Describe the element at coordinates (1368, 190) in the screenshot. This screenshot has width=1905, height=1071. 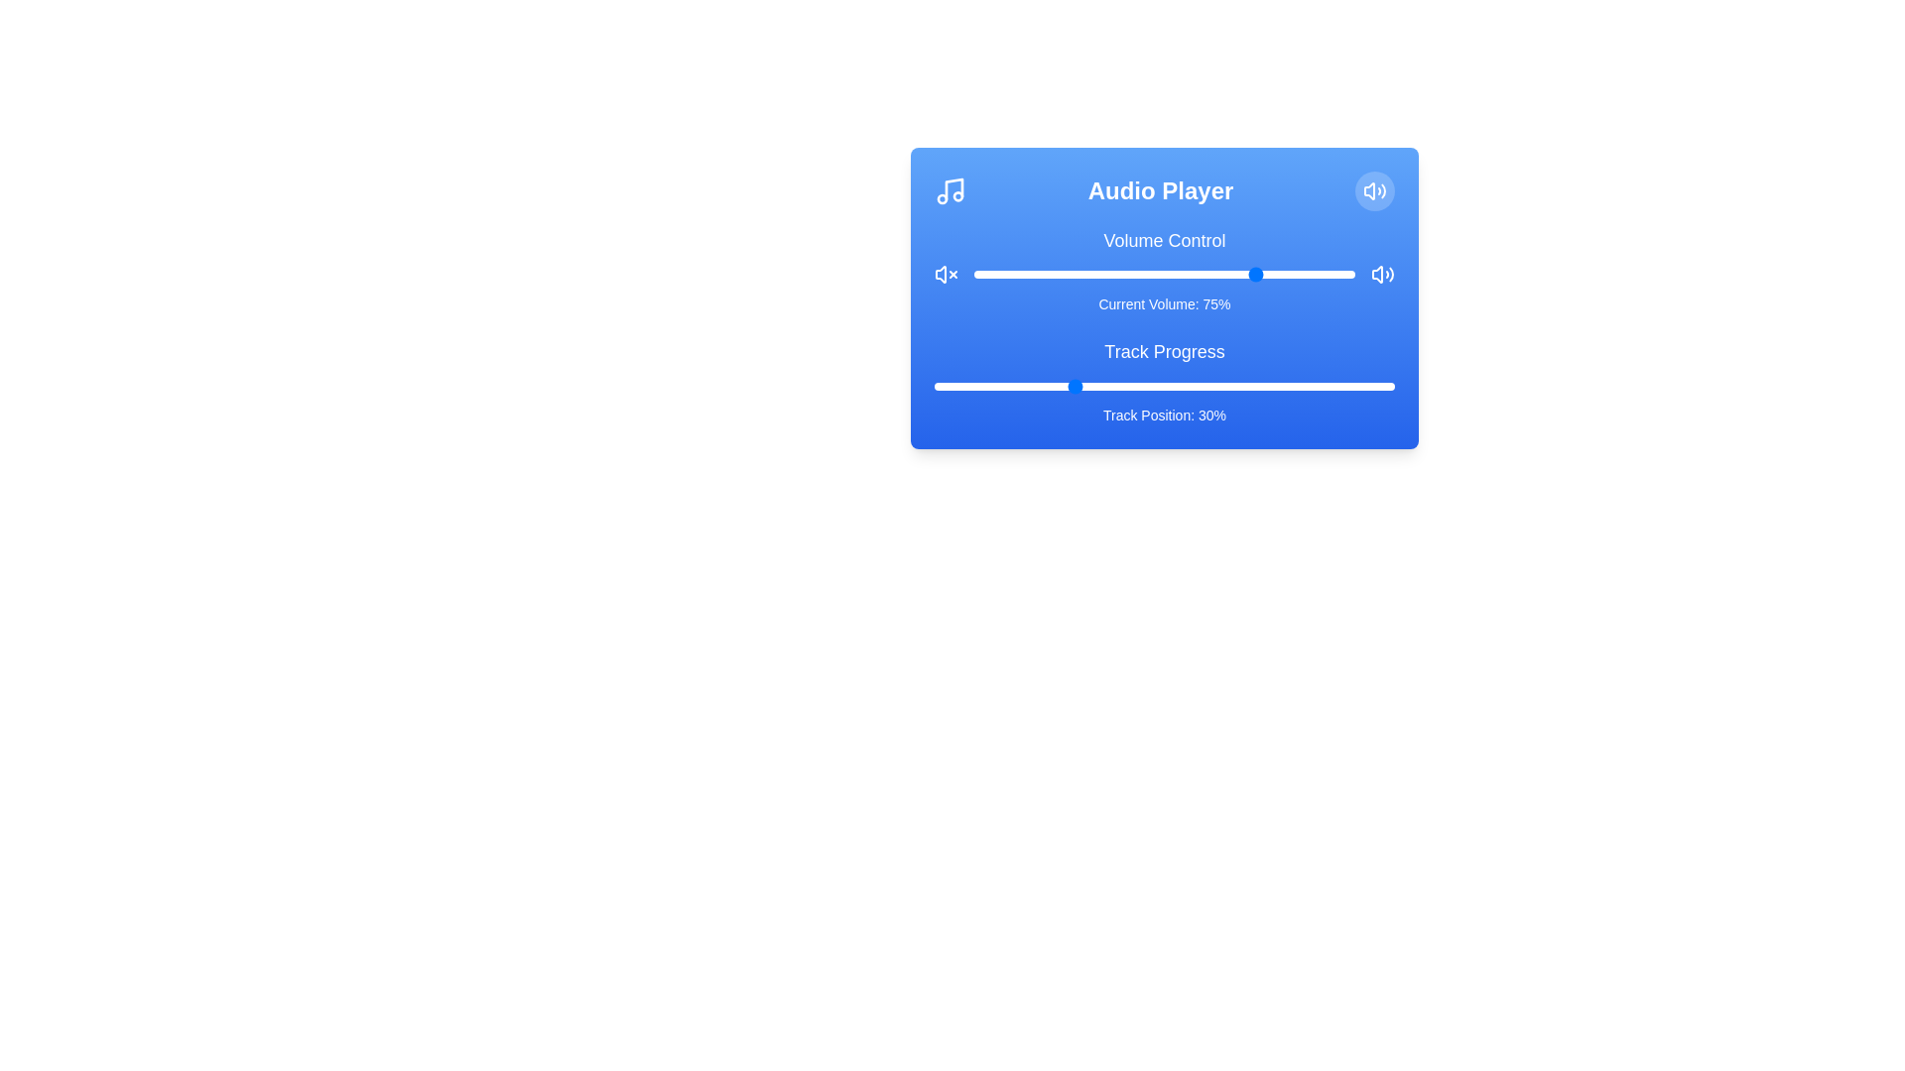
I see `the curved arrow icon that symbolizes sound wave or volume control, located in the top-right corner of the audio player interface` at that location.